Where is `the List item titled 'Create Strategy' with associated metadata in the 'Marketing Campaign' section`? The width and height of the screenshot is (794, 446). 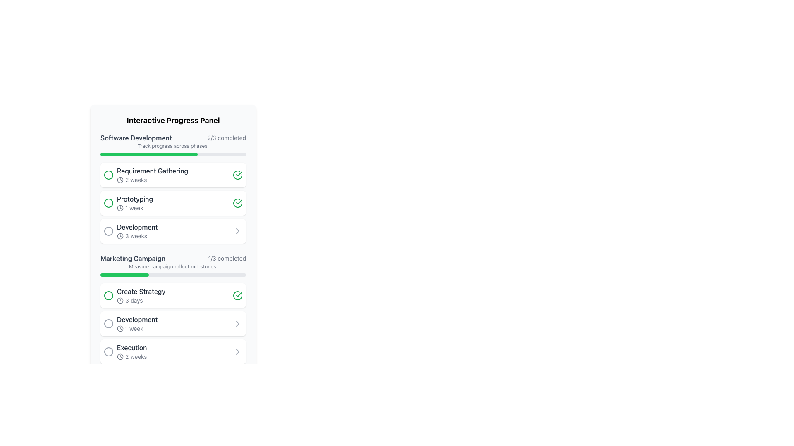 the List item titled 'Create Strategy' with associated metadata in the 'Marketing Campaign' section is located at coordinates (134, 295).